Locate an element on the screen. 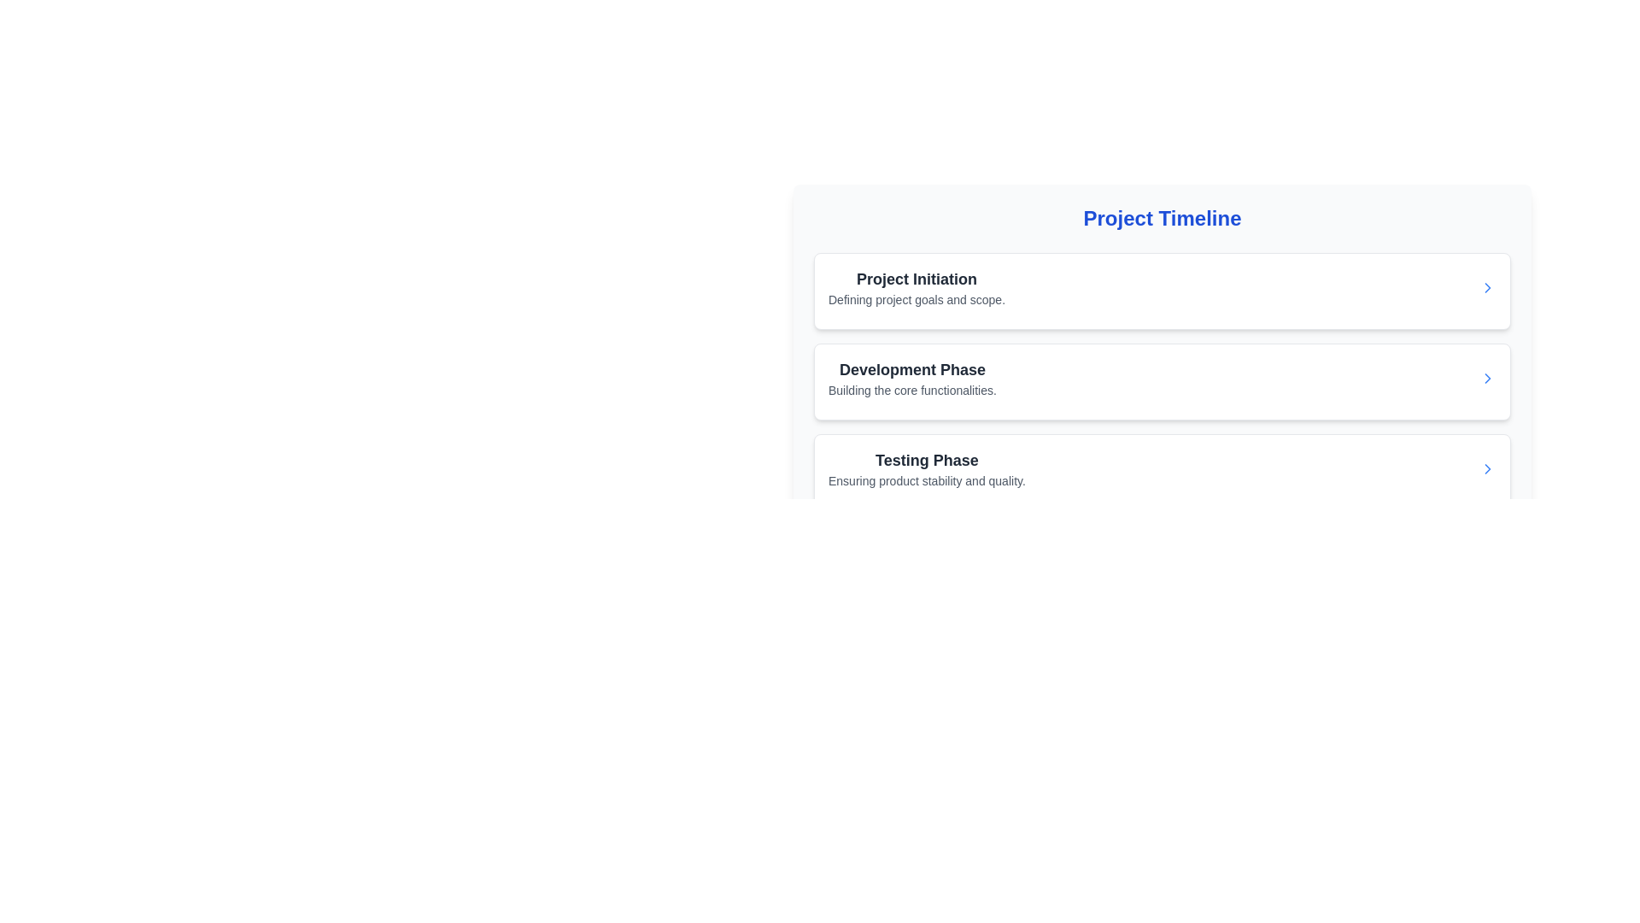  the descriptive text element that provides details about the 'Project Initiation' phase, located under the 'Project Timeline' section as the second text component following the title is located at coordinates (916, 299).